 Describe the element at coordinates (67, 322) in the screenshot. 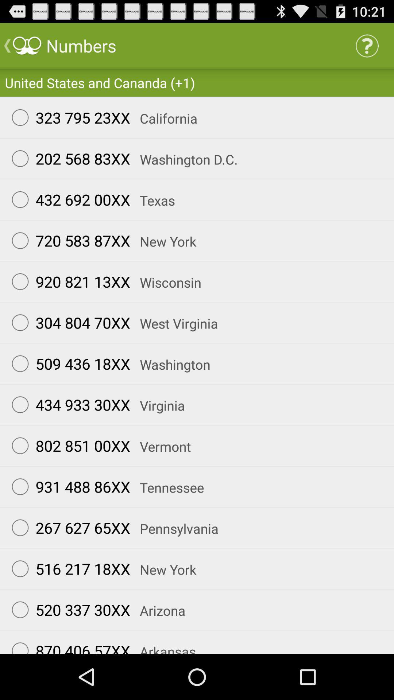

I see `radio button below 920 821 13xx icon` at that location.